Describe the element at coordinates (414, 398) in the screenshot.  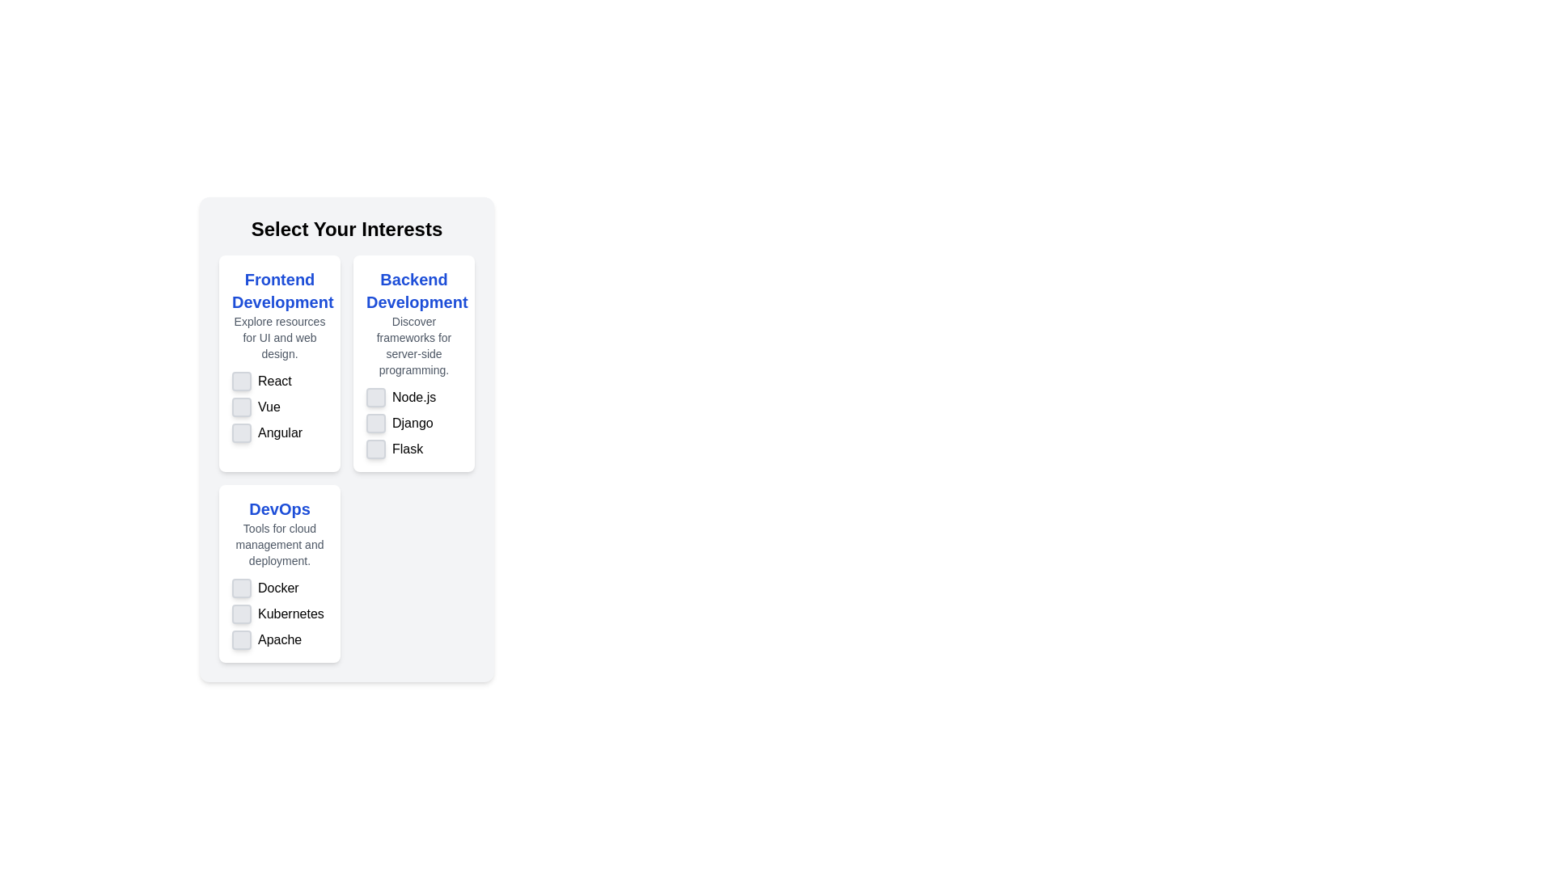
I see `the checkbox element associated with the text label 'Node.js', which is styled with a gray border and a lighter background, positioned within the 'Backend Development' section of a vertical list` at that location.